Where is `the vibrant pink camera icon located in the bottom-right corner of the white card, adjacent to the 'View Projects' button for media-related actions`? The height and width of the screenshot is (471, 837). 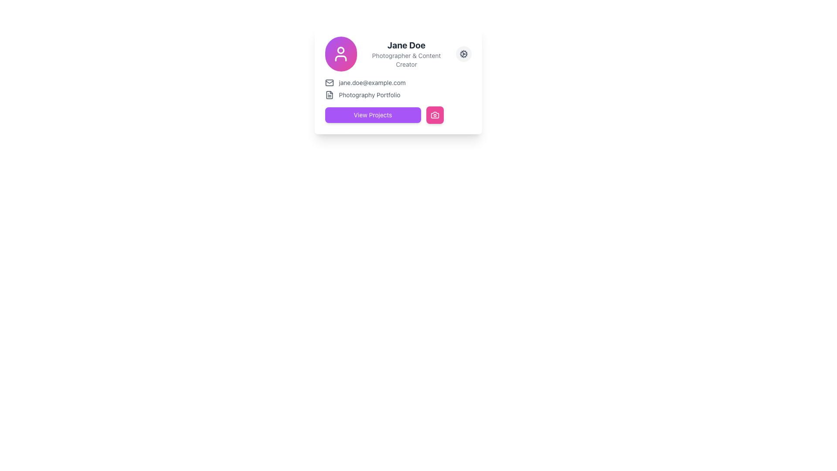 the vibrant pink camera icon located in the bottom-right corner of the white card, adjacent to the 'View Projects' button for media-related actions is located at coordinates (435, 114).